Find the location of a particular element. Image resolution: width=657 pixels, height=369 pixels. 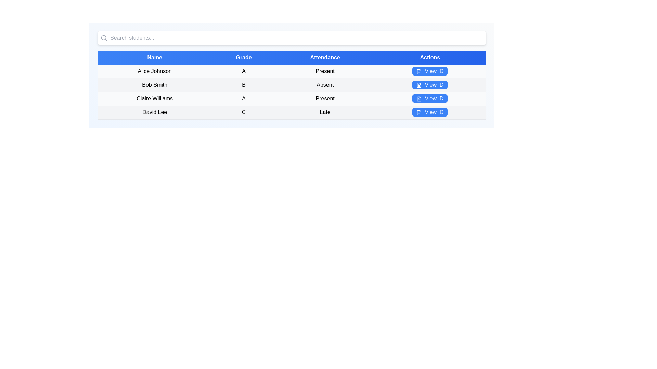

the third row in the table that displays data points like name and status, and includes an actionable button for viewing more details is located at coordinates (292, 99).